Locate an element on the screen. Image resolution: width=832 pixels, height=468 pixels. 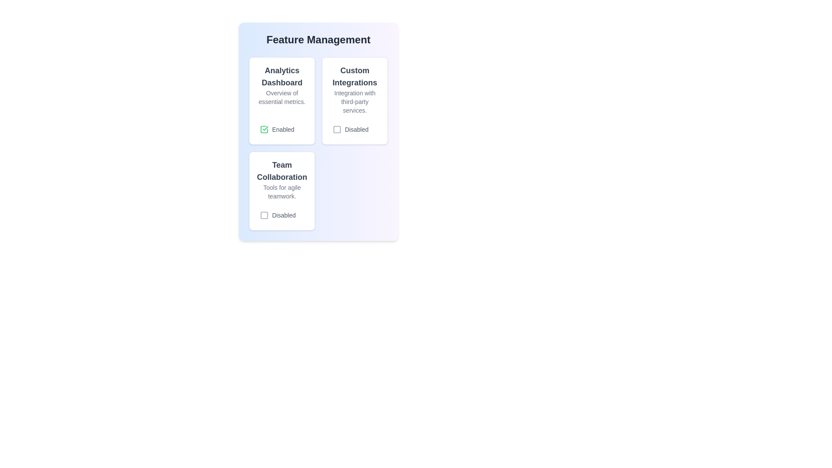
the text label displaying 'Analytics Dashboard' in bold, dark gray font at the top of the card is located at coordinates (282, 76).